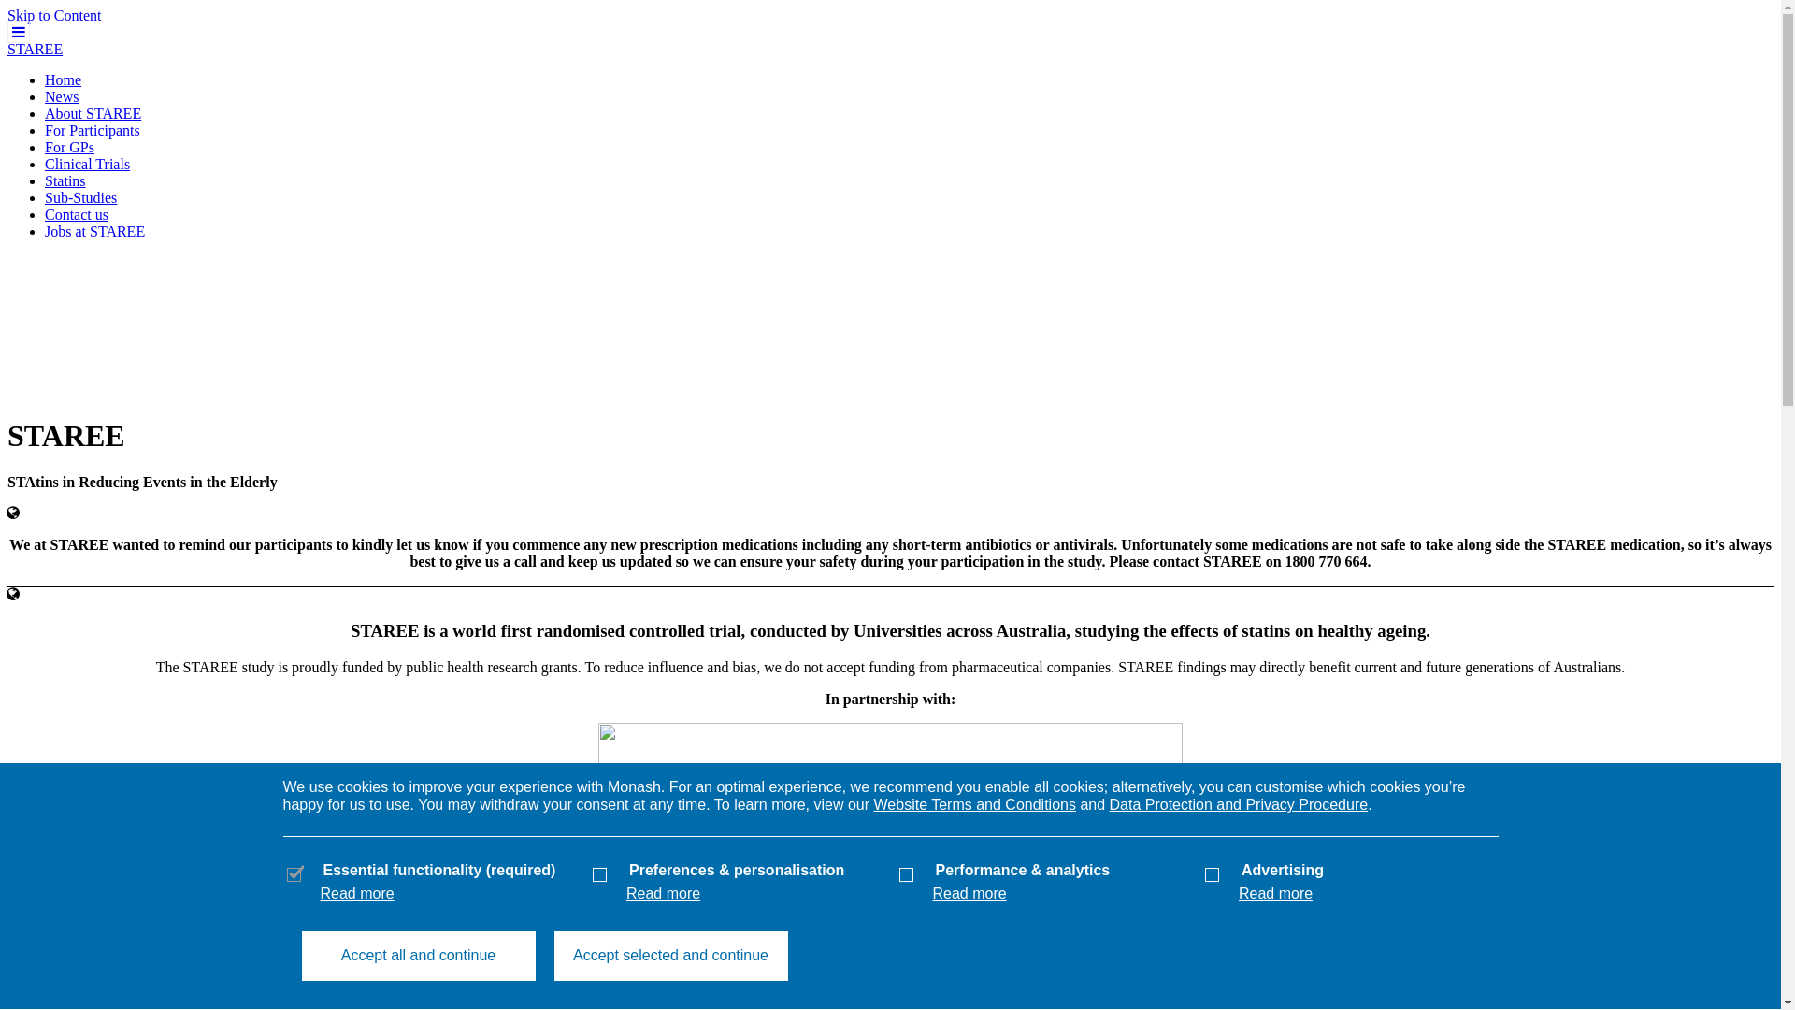 The image size is (1795, 1010). What do you see at coordinates (93, 230) in the screenshot?
I see `'Jobs at STAREE'` at bounding box center [93, 230].